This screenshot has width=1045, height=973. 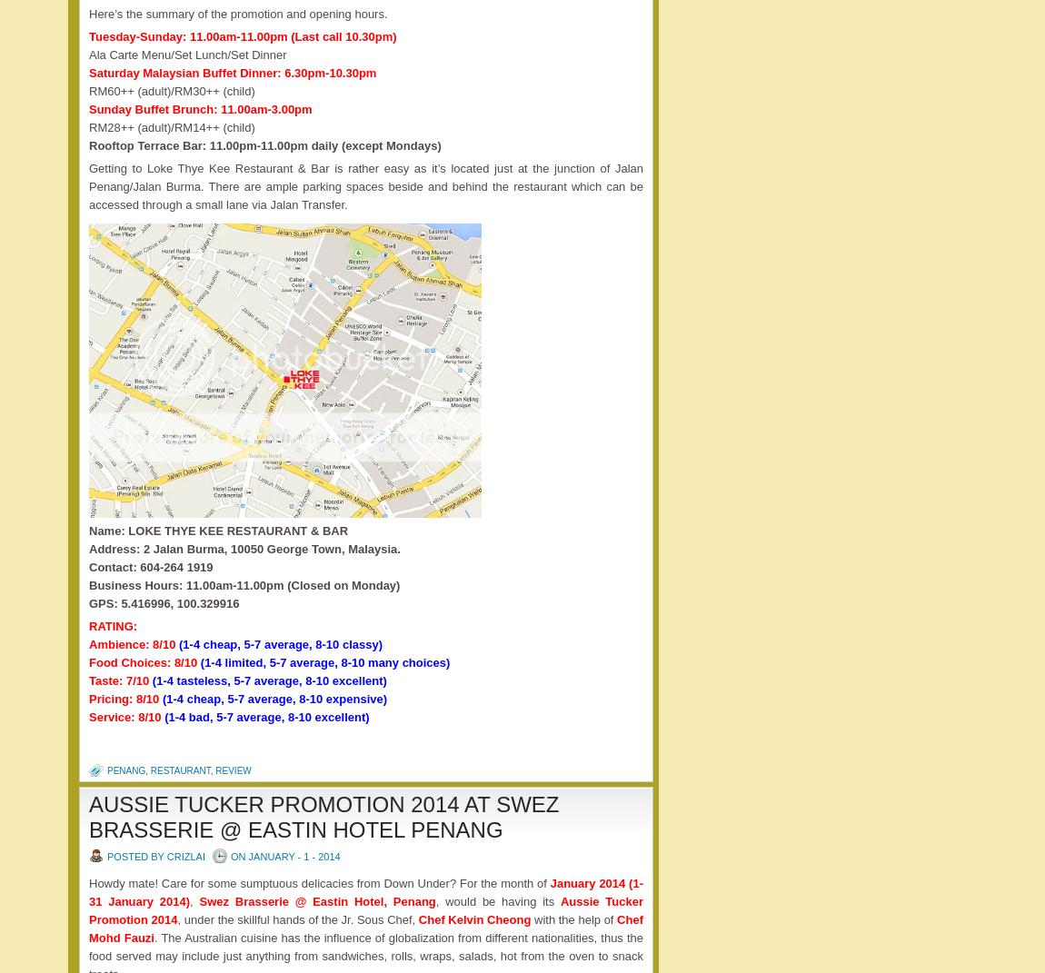 I want to click on 'Aussie Tucker Promotion 2014', so click(x=87, y=910).